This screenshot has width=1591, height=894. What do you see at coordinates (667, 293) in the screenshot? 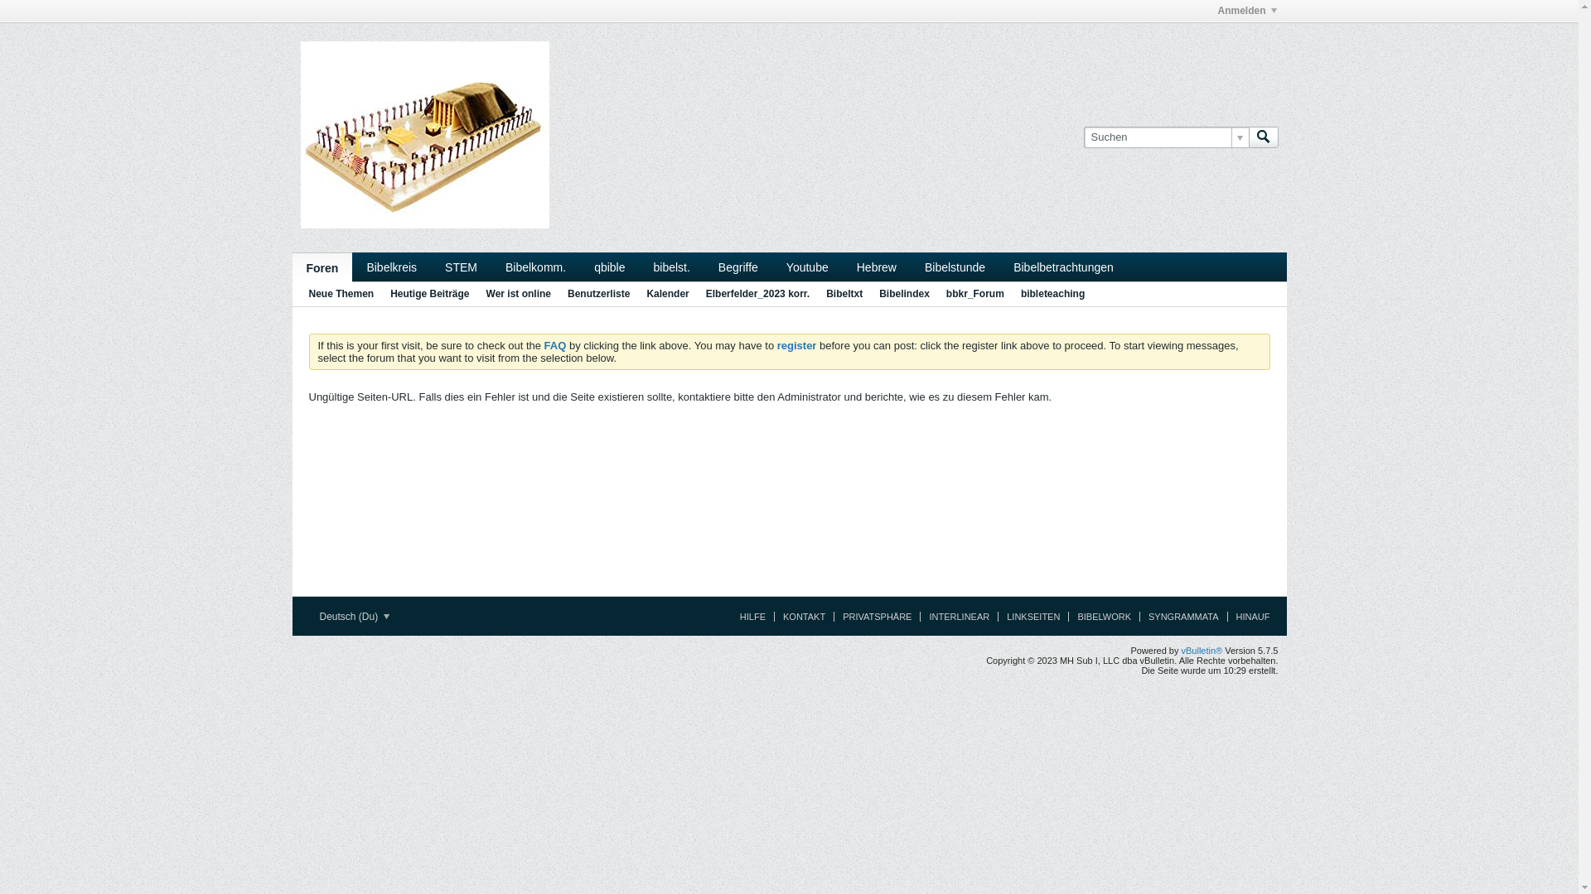
I see `'Kalender'` at bounding box center [667, 293].